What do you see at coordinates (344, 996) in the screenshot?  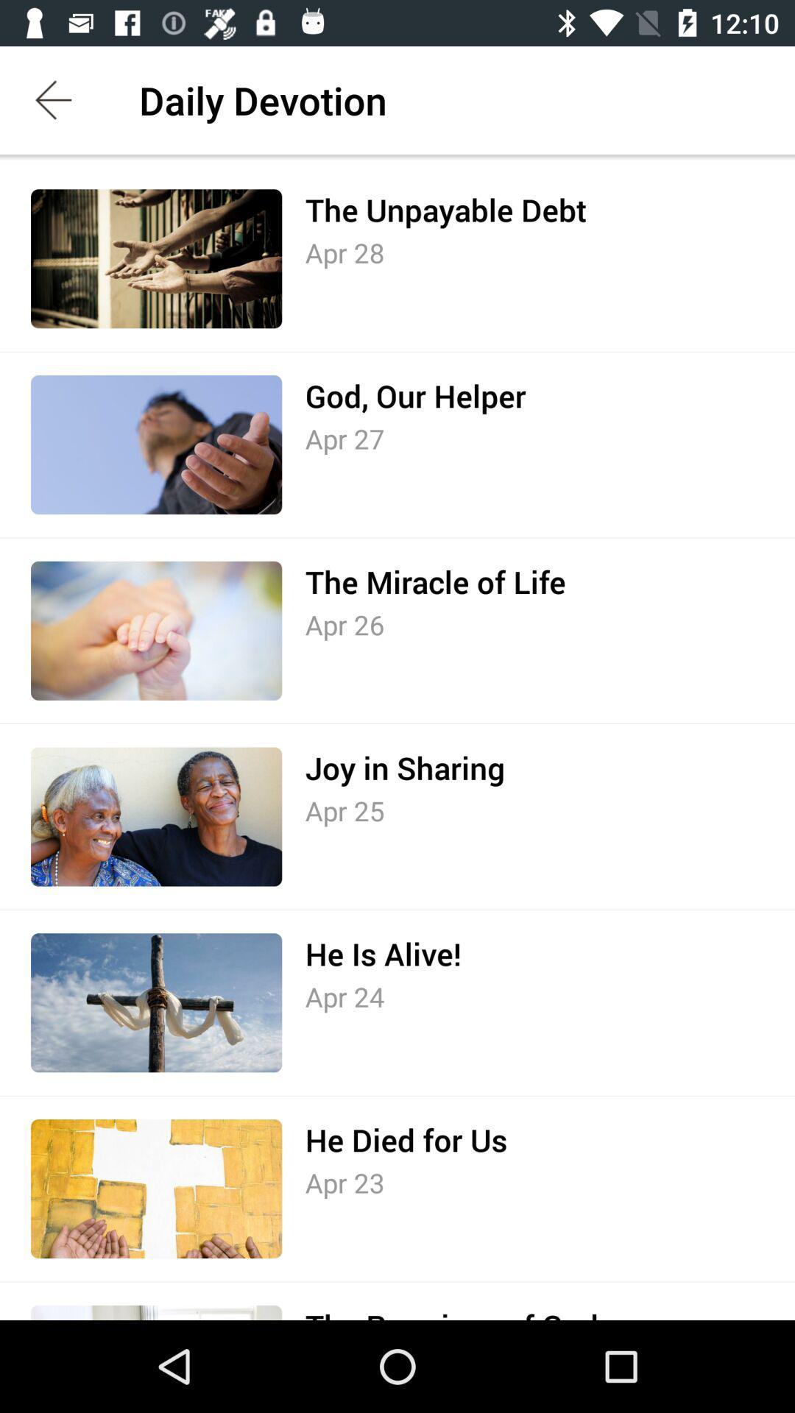 I see `the icon below the he is alive! icon` at bounding box center [344, 996].